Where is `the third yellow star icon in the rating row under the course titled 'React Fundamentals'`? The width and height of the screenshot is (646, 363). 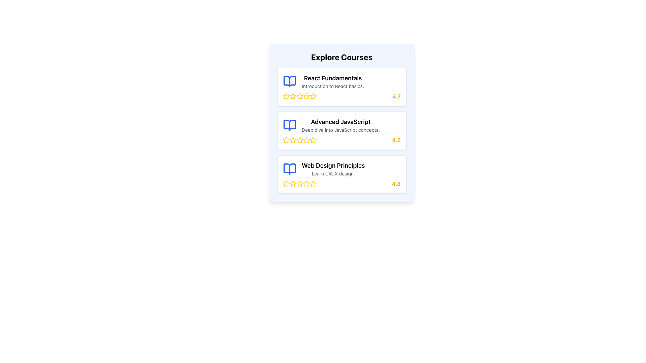 the third yellow star icon in the rating row under the course titled 'React Fundamentals' is located at coordinates (299, 96).